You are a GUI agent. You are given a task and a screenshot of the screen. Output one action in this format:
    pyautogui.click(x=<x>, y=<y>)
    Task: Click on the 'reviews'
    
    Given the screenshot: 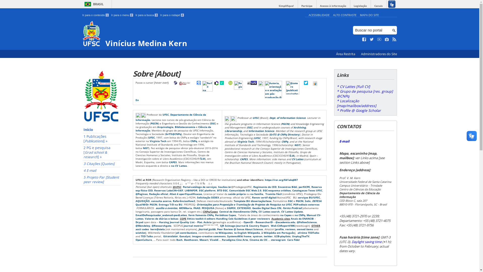 What is the action you would take?
    pyautogui.click(x=290, y=229)
    